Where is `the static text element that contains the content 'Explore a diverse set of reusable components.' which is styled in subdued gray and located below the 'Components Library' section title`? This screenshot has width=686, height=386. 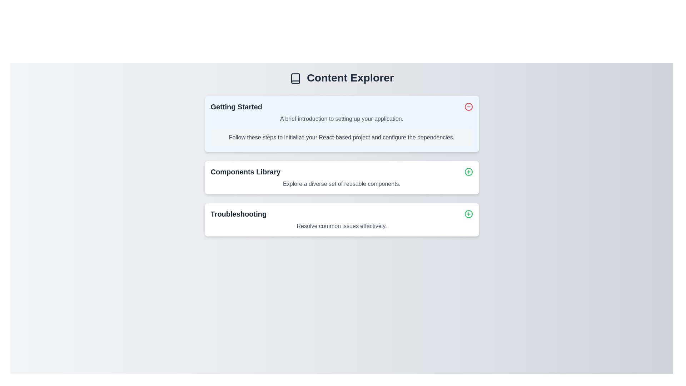 the static text element that contains the content 'Explore a diverse set of reusable components.' which is styled in subdued gray and located below the 'Components Library' section title is located at coordinates (341, 184).